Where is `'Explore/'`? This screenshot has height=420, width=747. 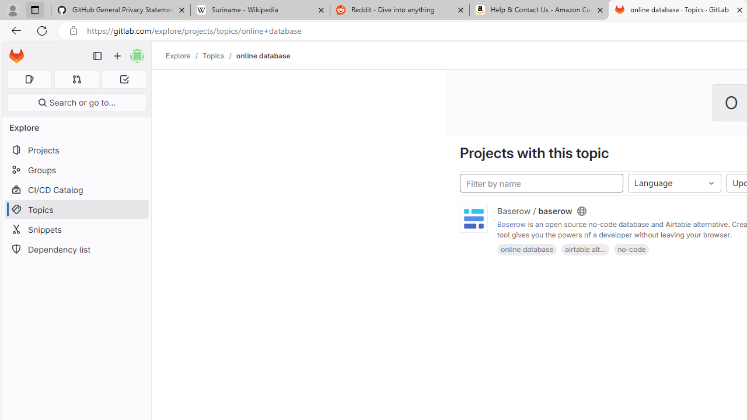 'Explore/' is located at coordinates (184, 55).